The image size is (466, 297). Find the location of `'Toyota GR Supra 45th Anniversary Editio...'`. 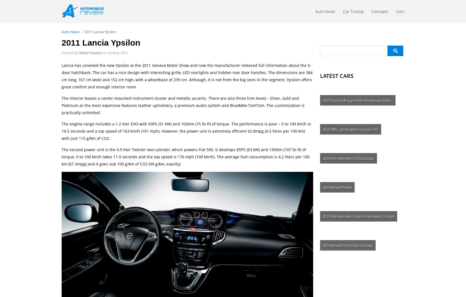

'Toyota GR Supra 45th Anniversary Editio...' is located at coordinates (361, 100).